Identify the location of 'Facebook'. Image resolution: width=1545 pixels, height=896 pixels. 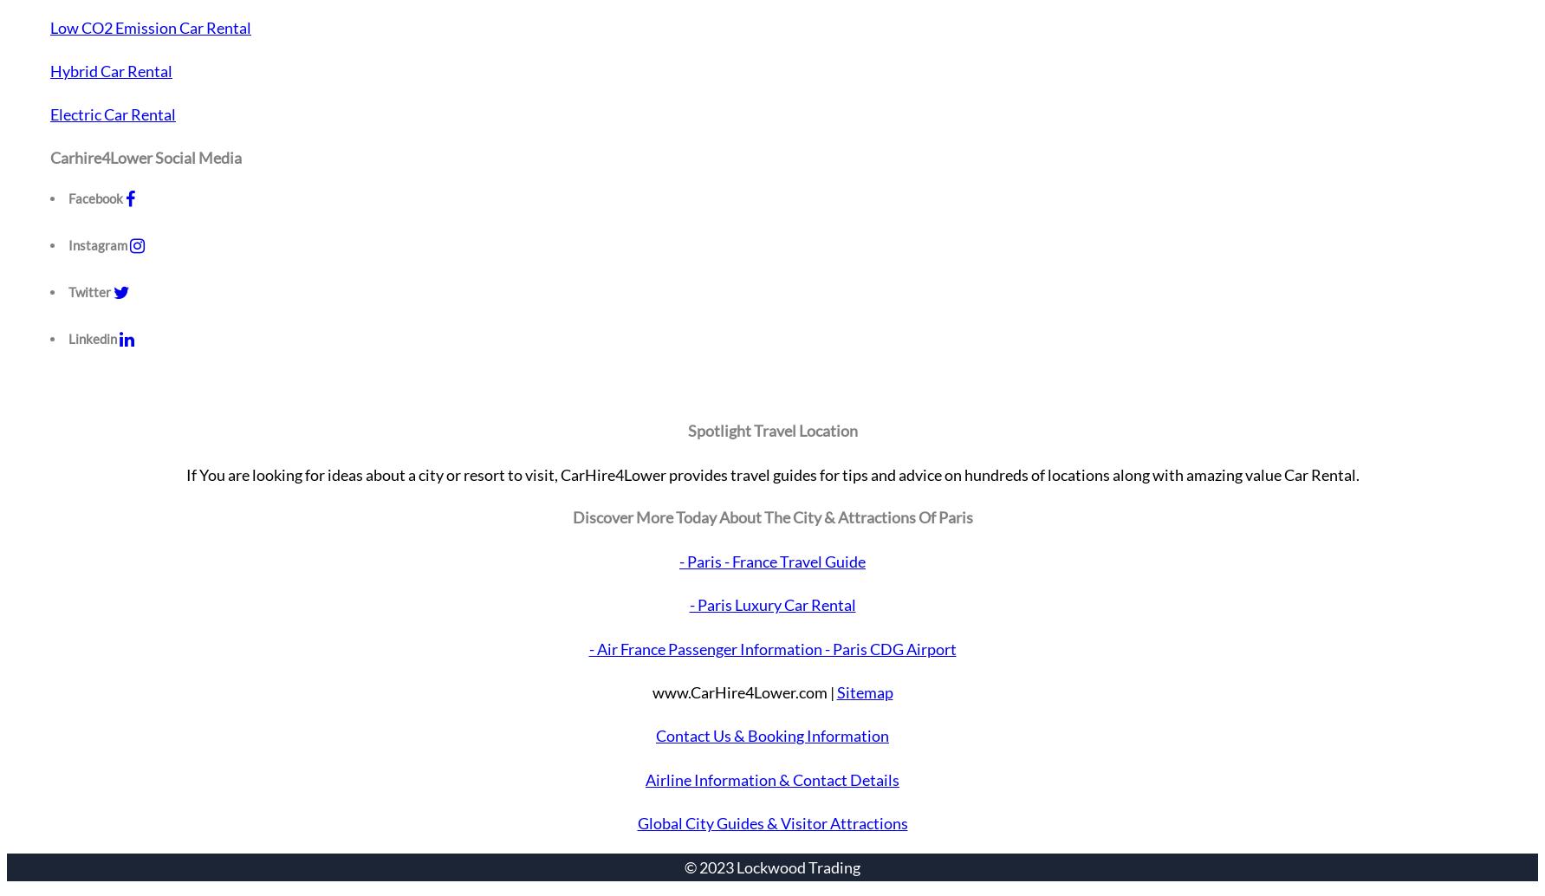
(95, 197).